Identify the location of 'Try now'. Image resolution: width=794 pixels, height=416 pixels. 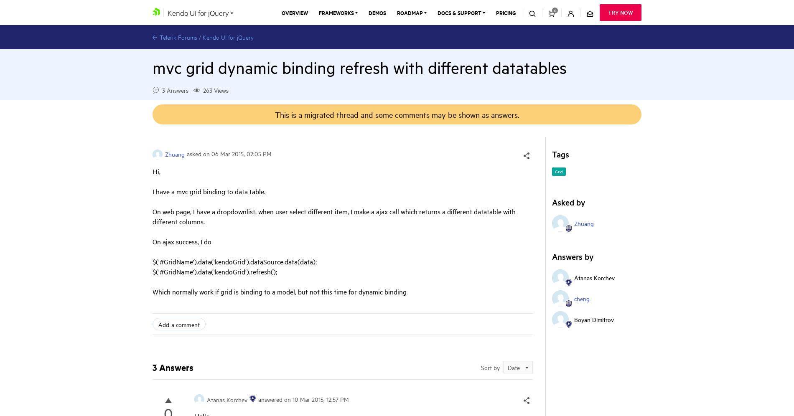
(621, 12).